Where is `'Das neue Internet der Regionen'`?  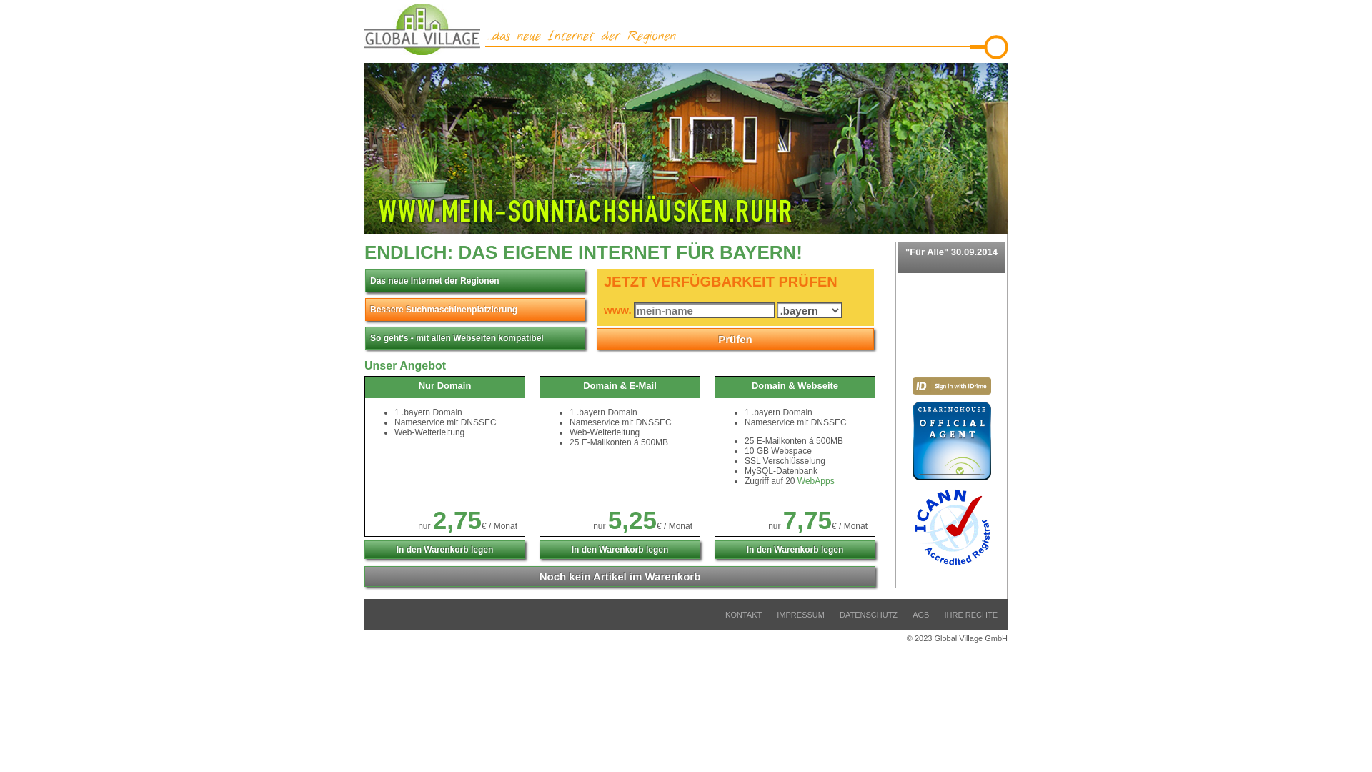
'Das neue Internet der Regionen' is located at coordinates (475, 281).